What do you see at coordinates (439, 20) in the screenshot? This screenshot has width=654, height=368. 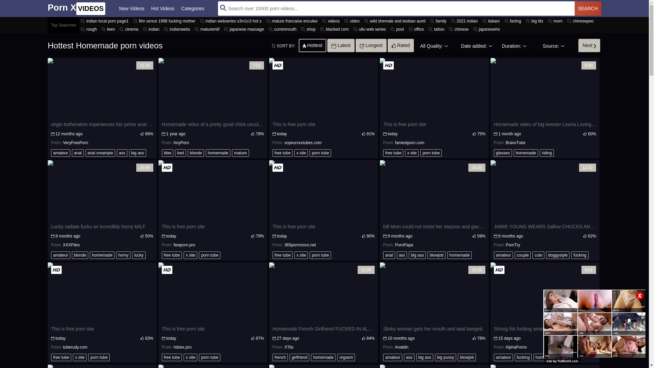 I see `'family'` at bounding box center [439, 20].